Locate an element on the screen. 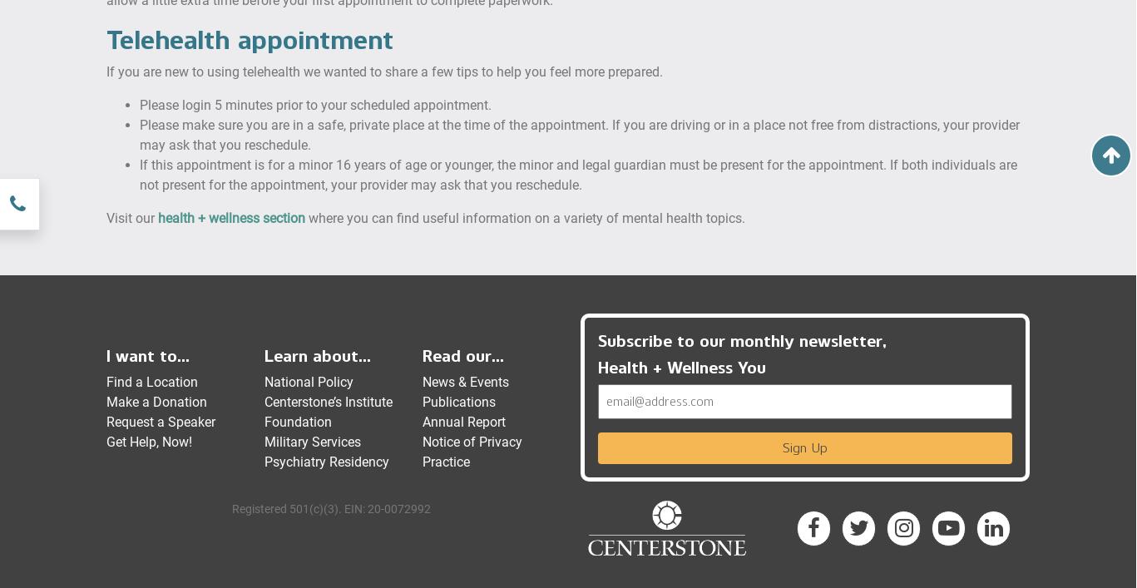 The height and width of the screenshot is (588, 1137). 'Learn about...' is located at coordinates (317, 354).